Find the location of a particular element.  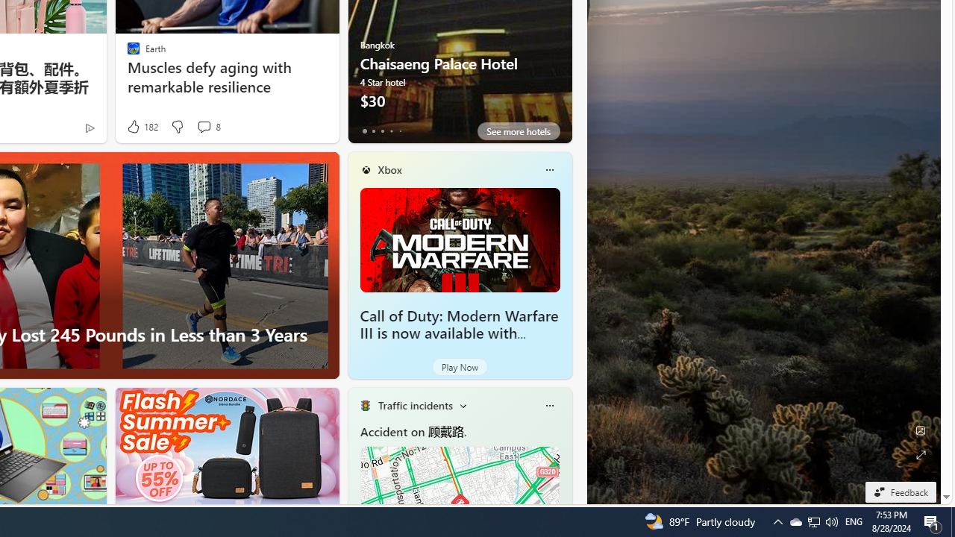

'Dislike' is located at coordinates (177, 126).